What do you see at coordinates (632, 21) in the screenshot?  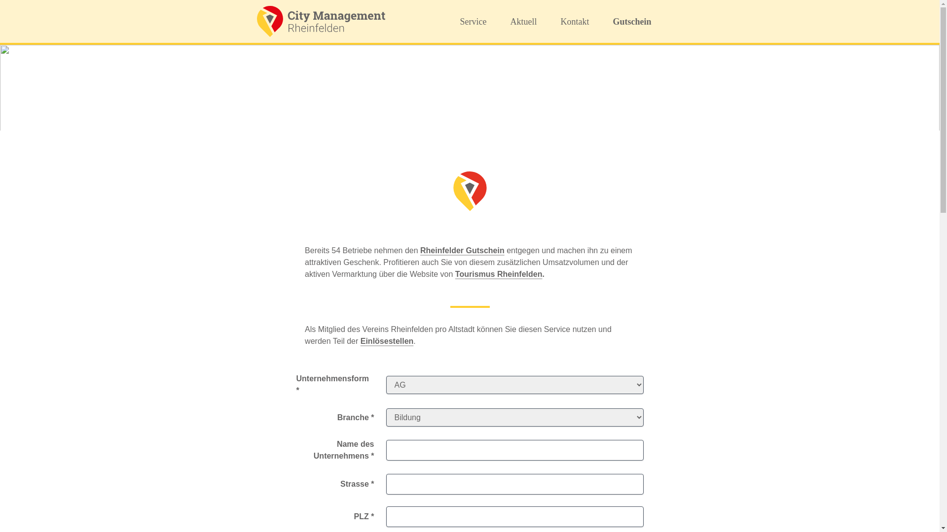 I see `'Gutschein'` at bounding box center [632, 21].